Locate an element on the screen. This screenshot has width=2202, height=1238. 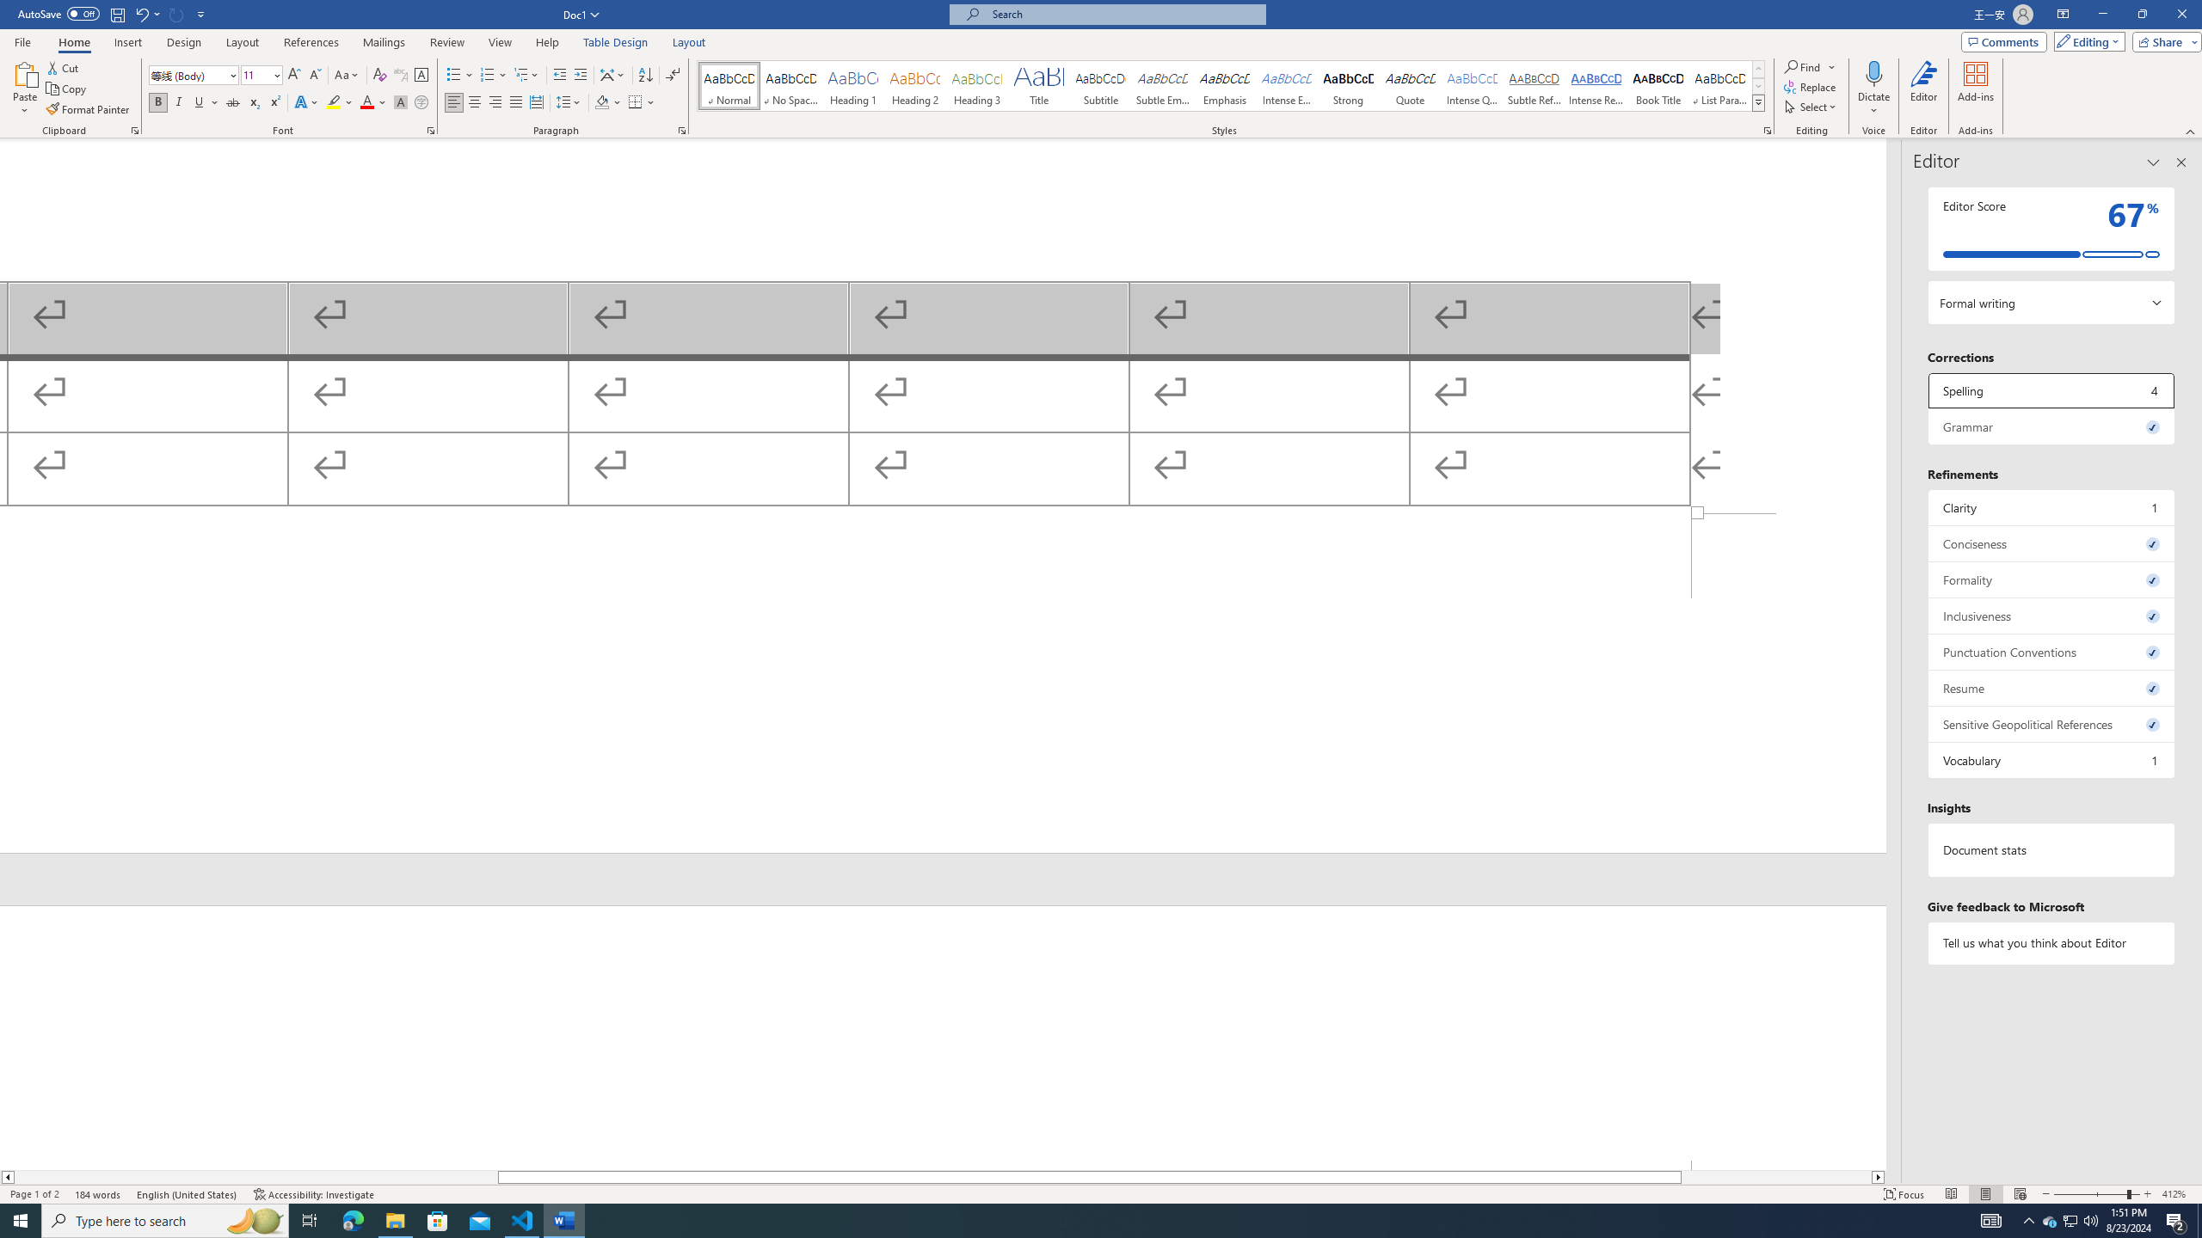
'Asian Layout' is located at coordinates (612, 75).